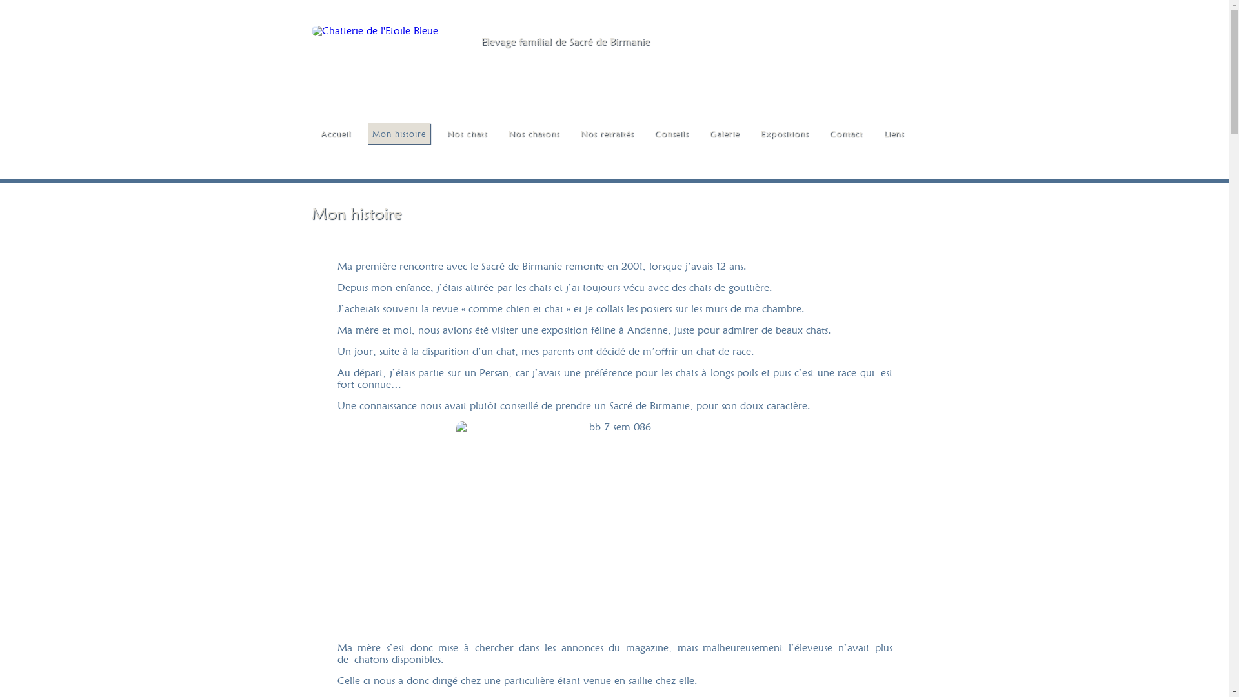 The width and height of the screenshot is (1239, 697). Describe the element at coordinates (398, 134) in the screenshot. I see `'Mon histoire'` at that location.